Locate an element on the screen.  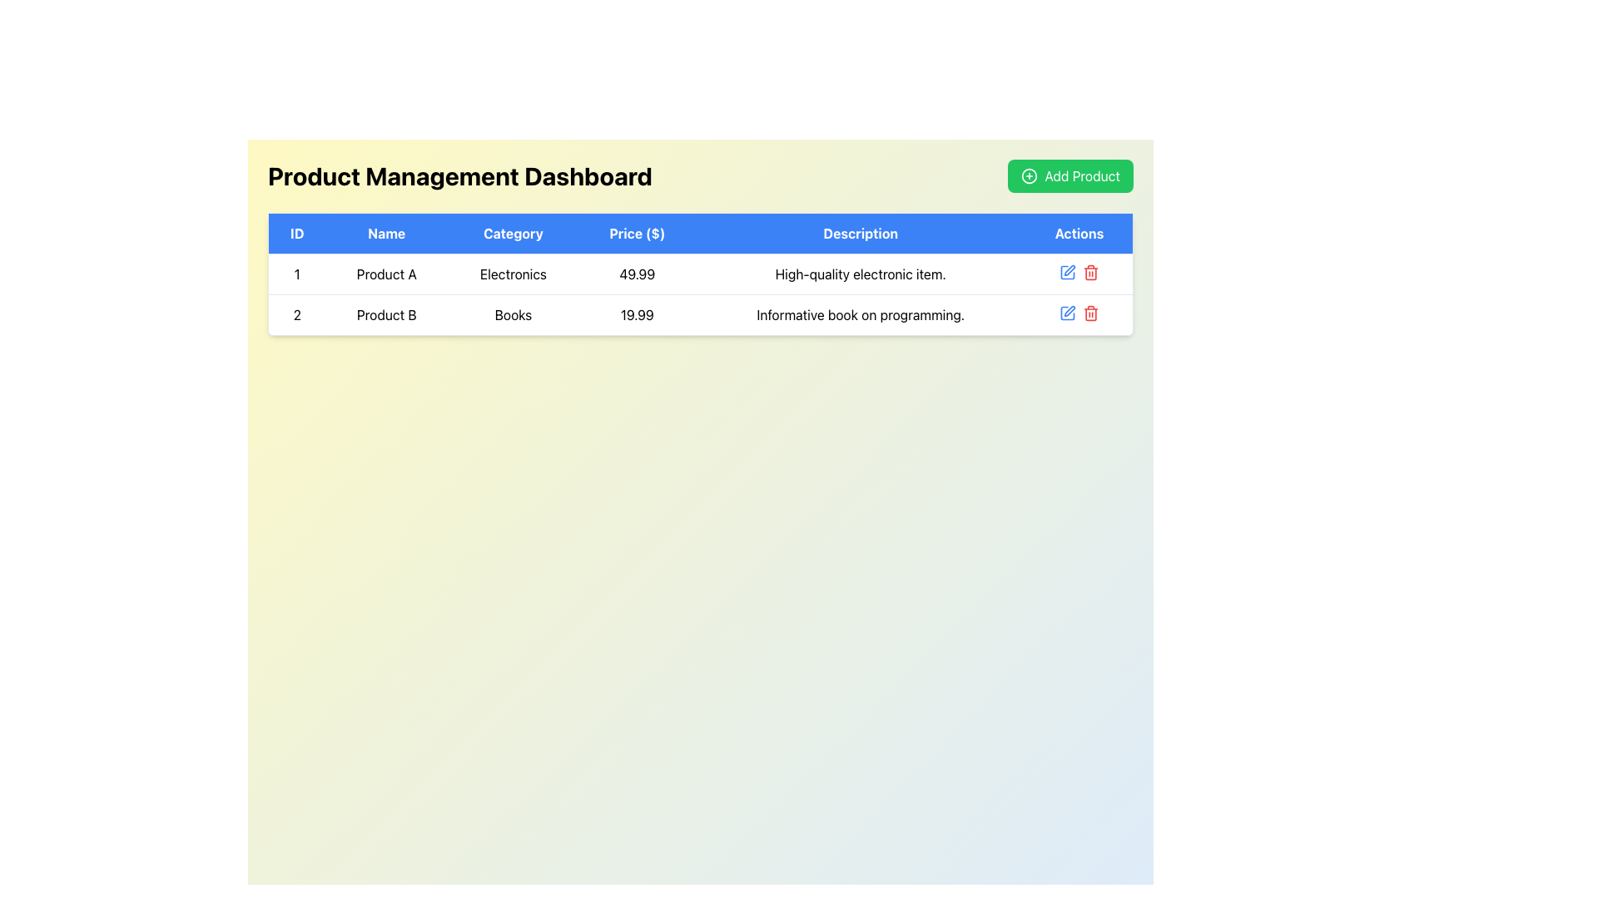
the edit icon located in the 'Actions' column of the second row in the table is located at coordinates (1069, 311).